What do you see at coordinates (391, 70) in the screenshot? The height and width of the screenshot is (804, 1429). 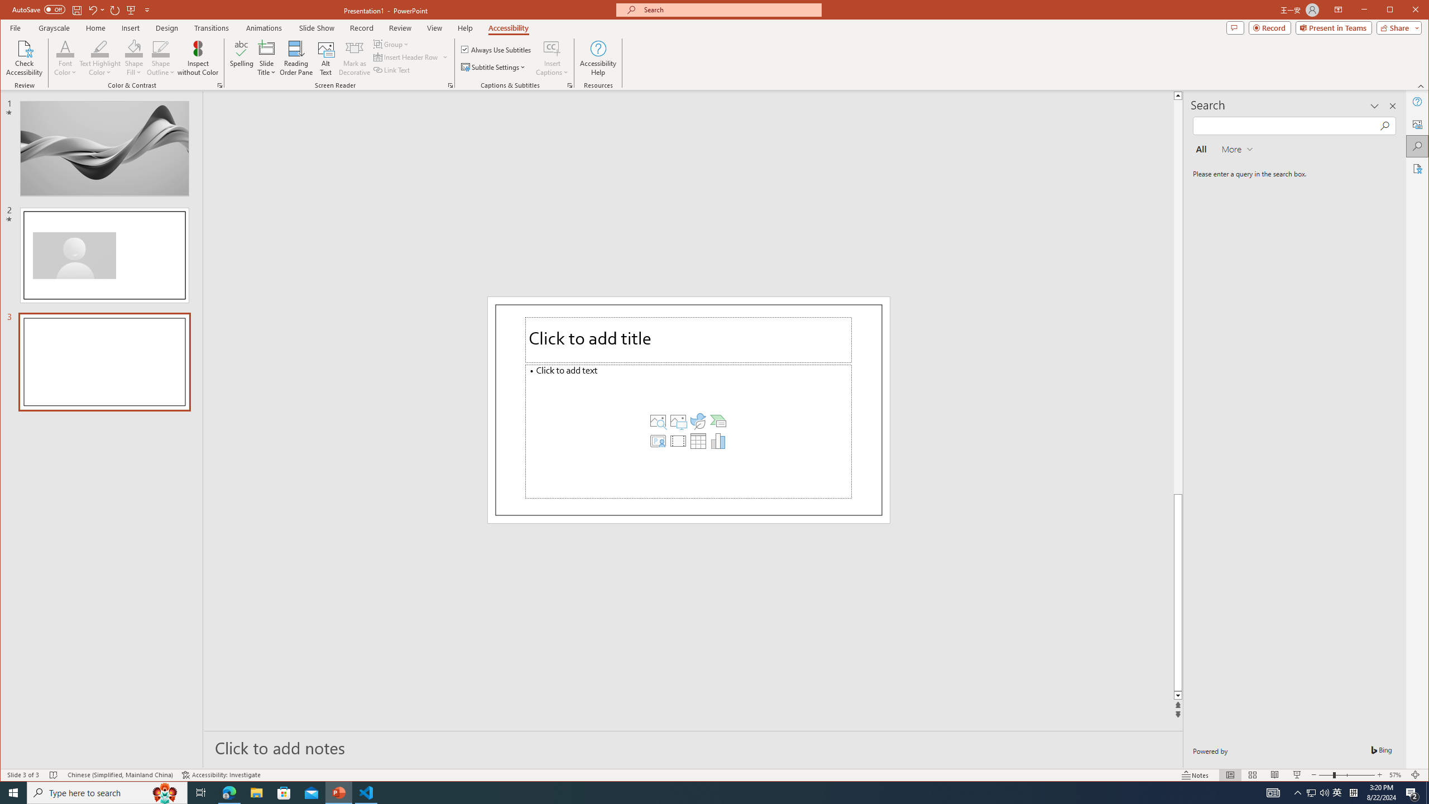 I see `'Link Text'` at bounding box center [391, 70].